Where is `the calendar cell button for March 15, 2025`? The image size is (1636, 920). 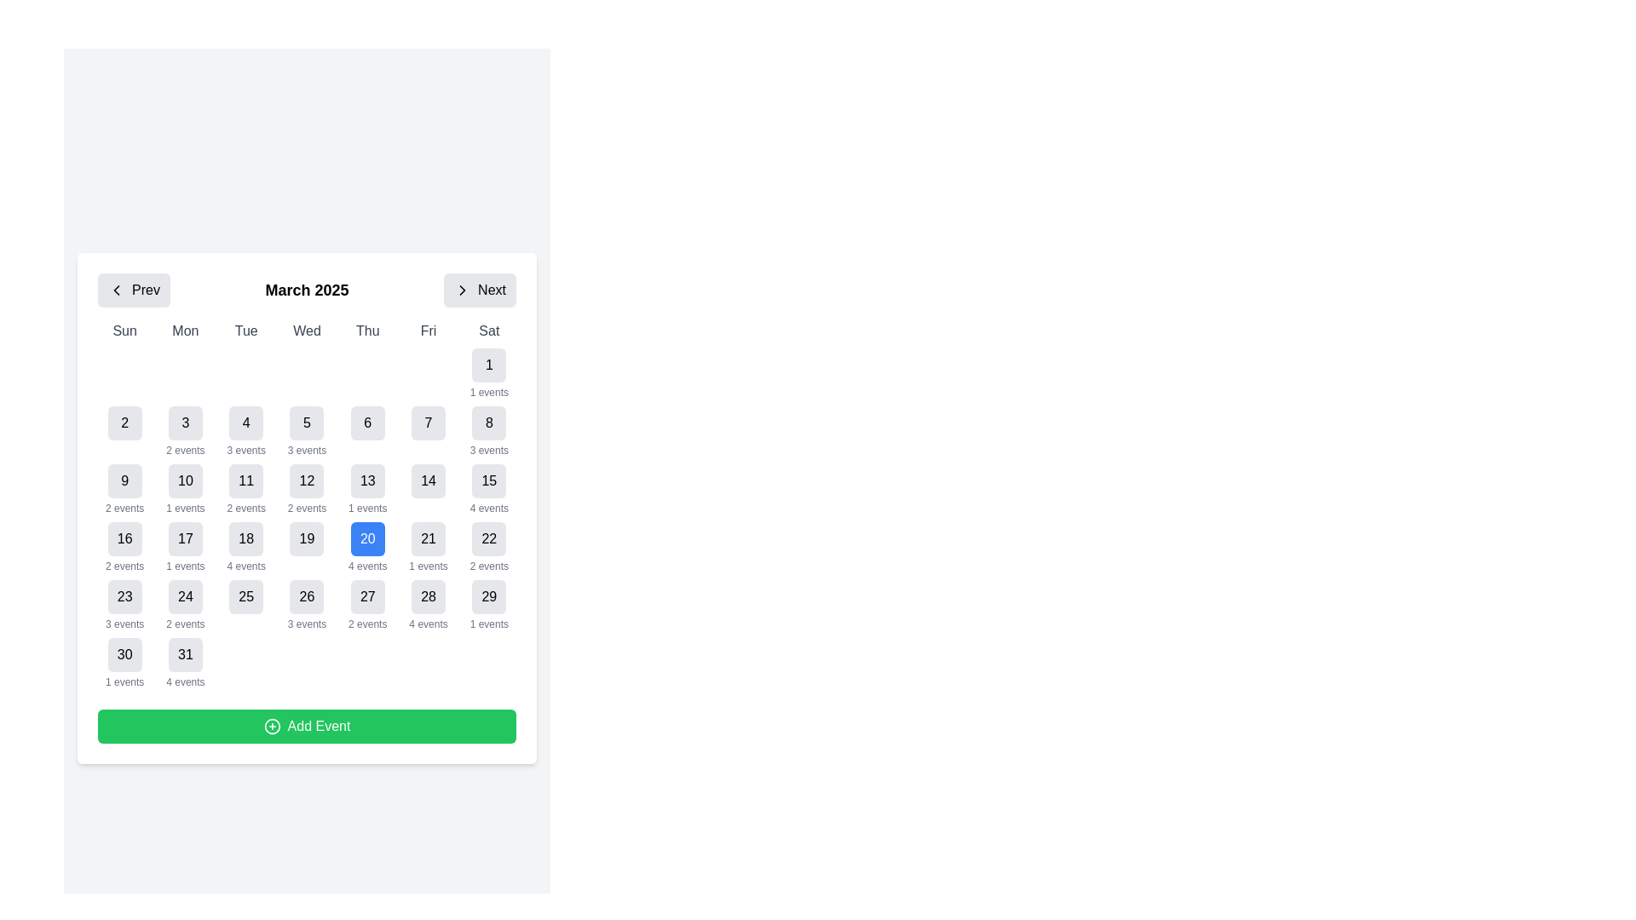 the calendar cell button for March 15, 2025 is located at coordinates (488, 480).